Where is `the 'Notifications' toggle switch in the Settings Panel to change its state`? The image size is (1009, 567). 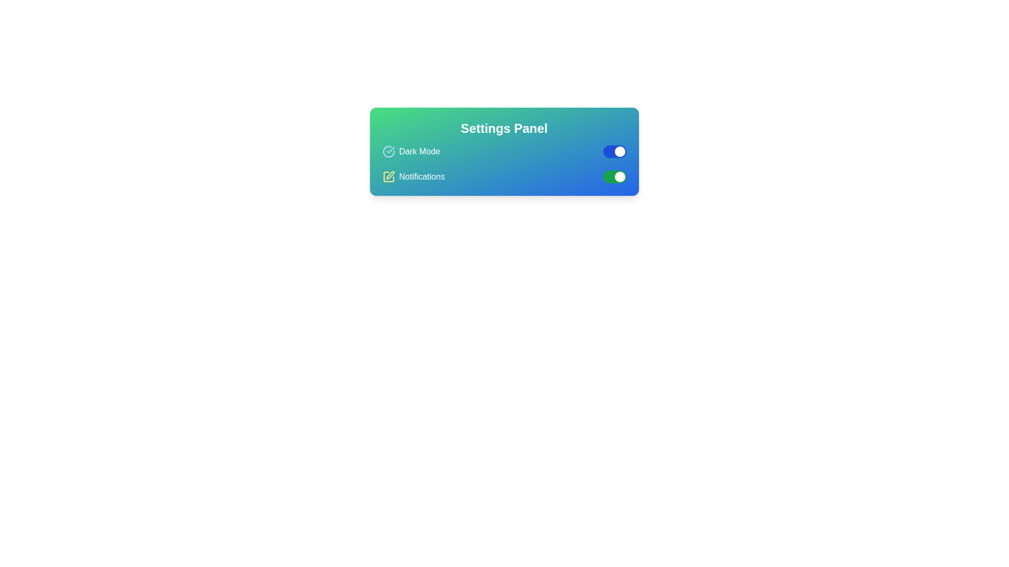
the 'Notifications' toggle switch in the Settings Panel to change its state is located at coordinates (503, 176).